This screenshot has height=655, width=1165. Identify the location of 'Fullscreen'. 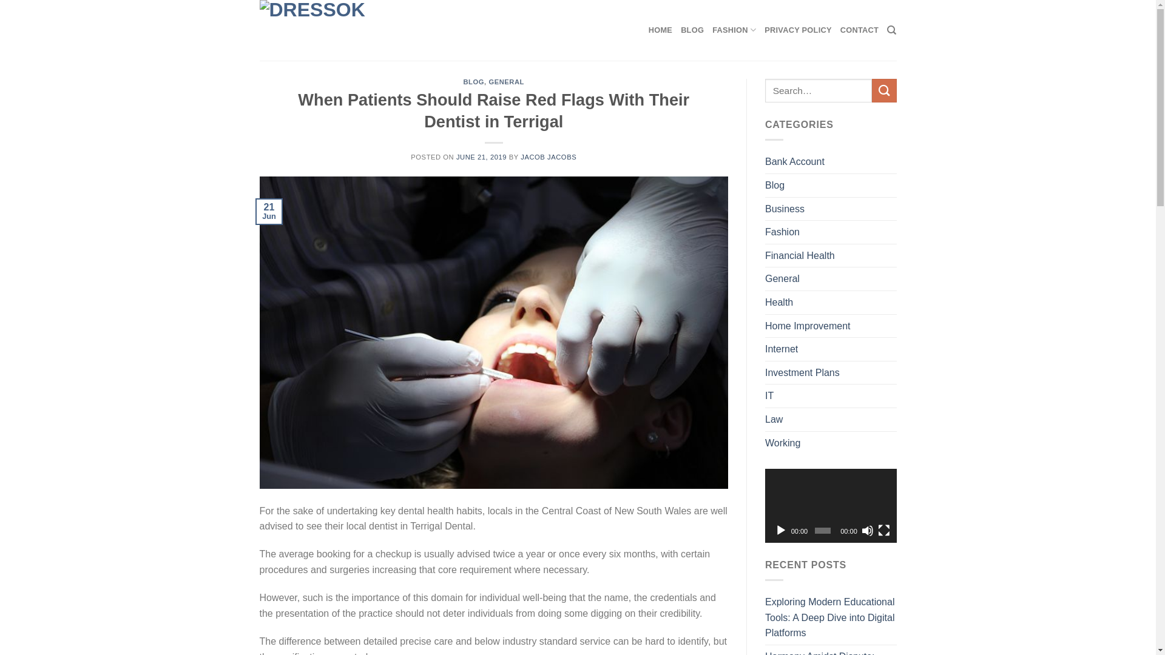
(877, 530).